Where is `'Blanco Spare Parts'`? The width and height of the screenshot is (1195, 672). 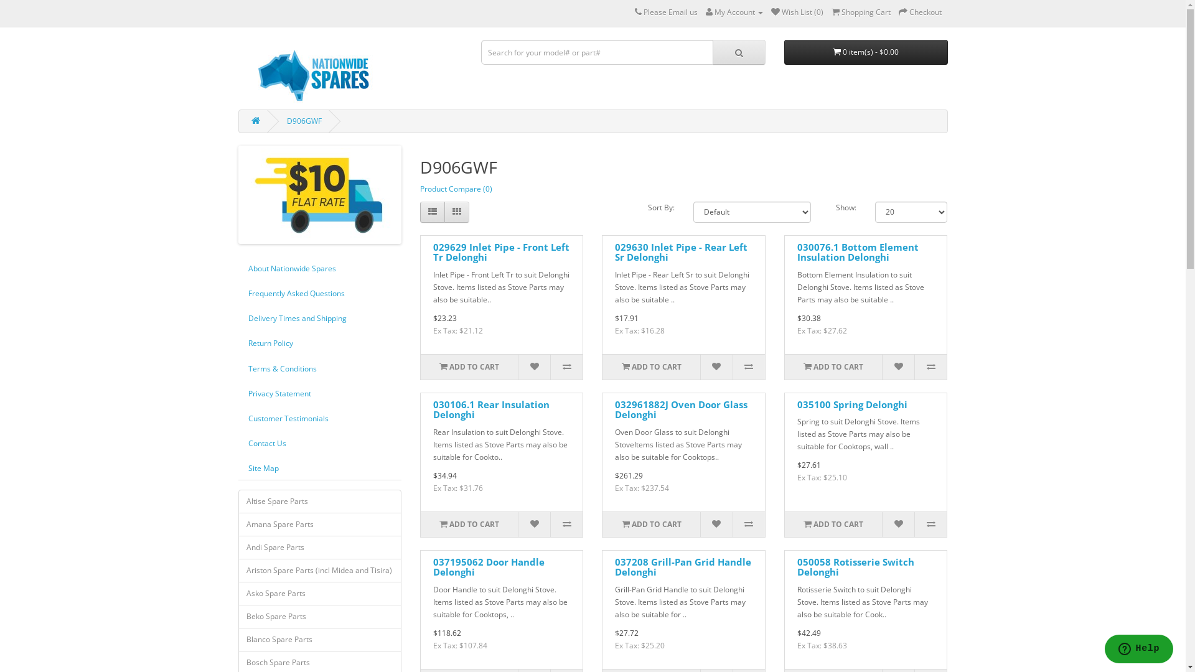 'Blanco Spare Parts' is located at coordinates (319, 640).